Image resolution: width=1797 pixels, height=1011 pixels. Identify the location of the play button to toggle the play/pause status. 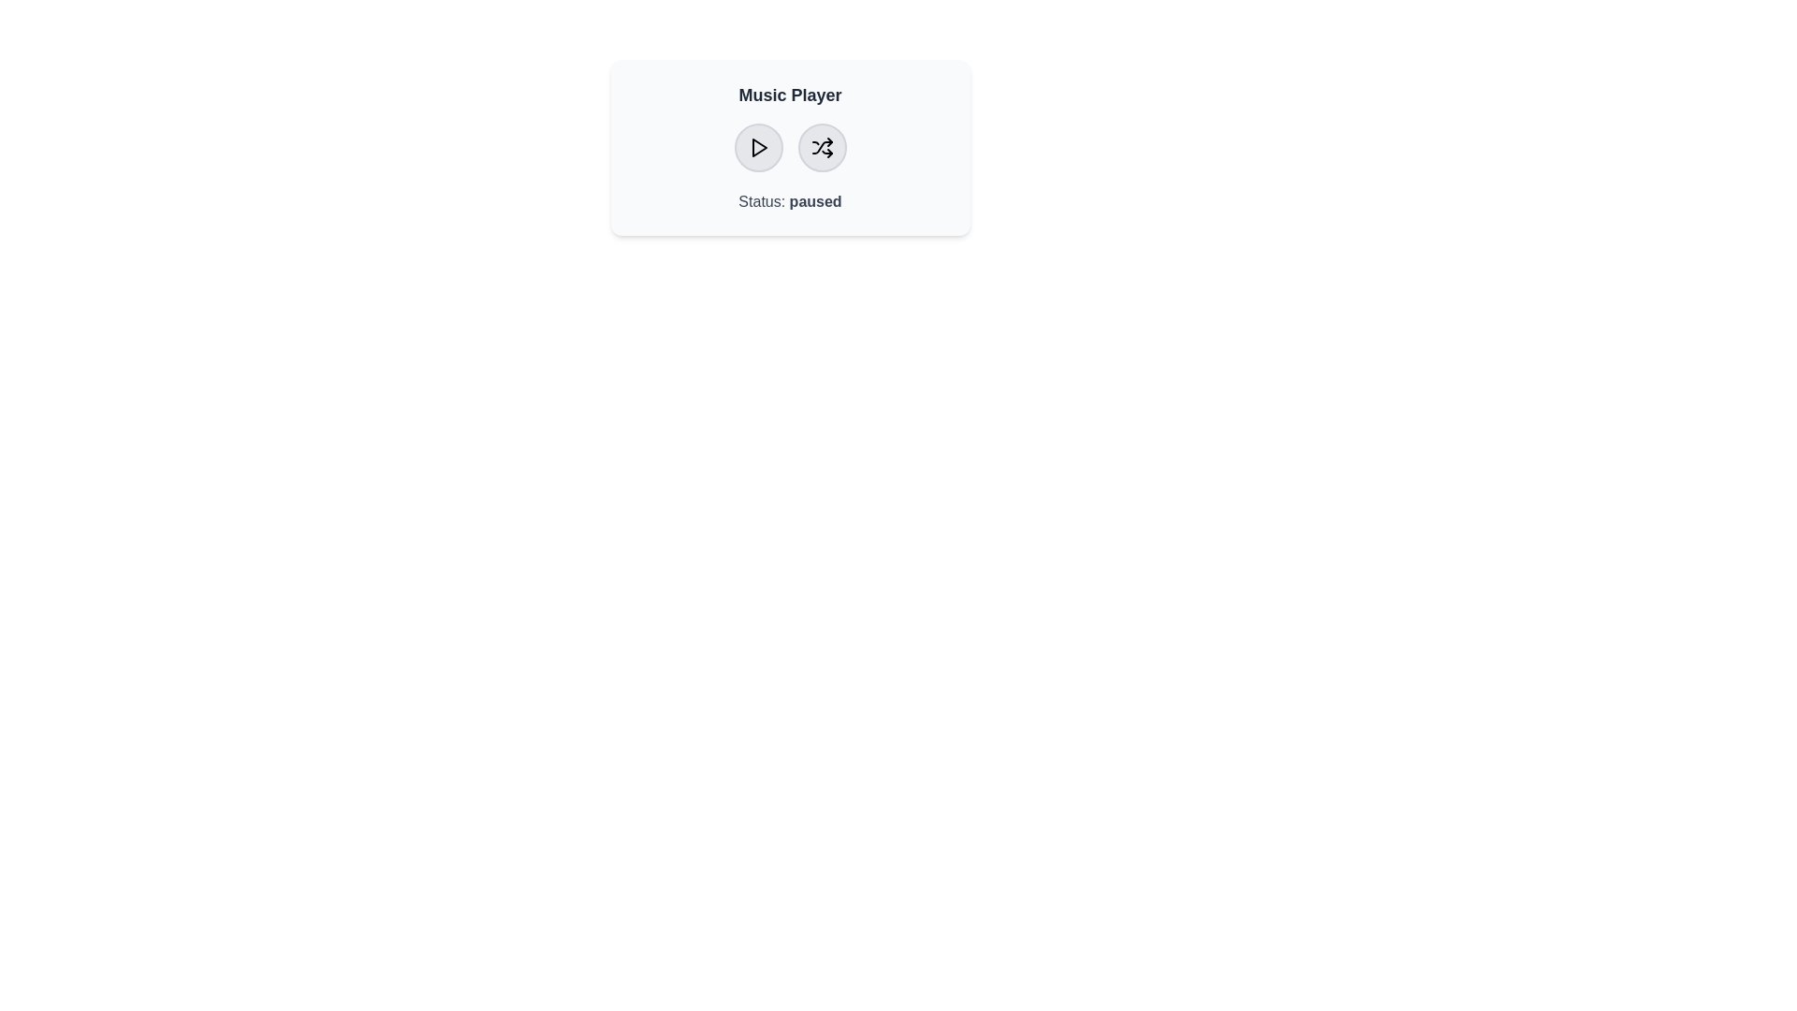
(758, 147).